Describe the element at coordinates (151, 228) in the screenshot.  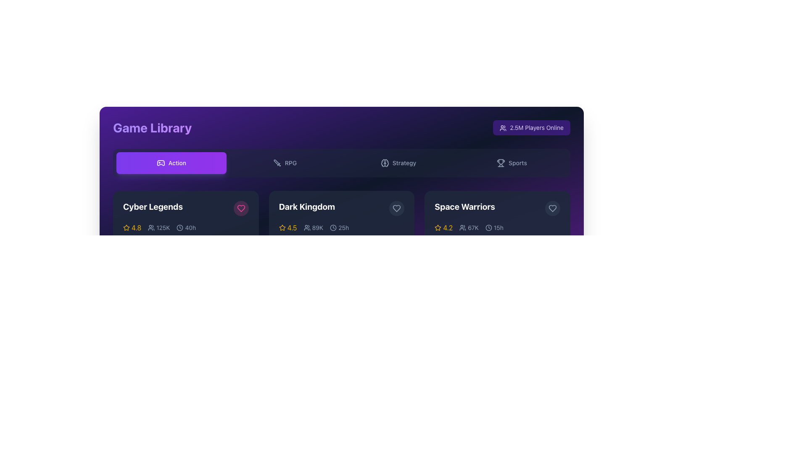
I see `the user icon located to the left of the text '125K' under the title 'Cyber Legends' in the first card of the action game category section` at that location.